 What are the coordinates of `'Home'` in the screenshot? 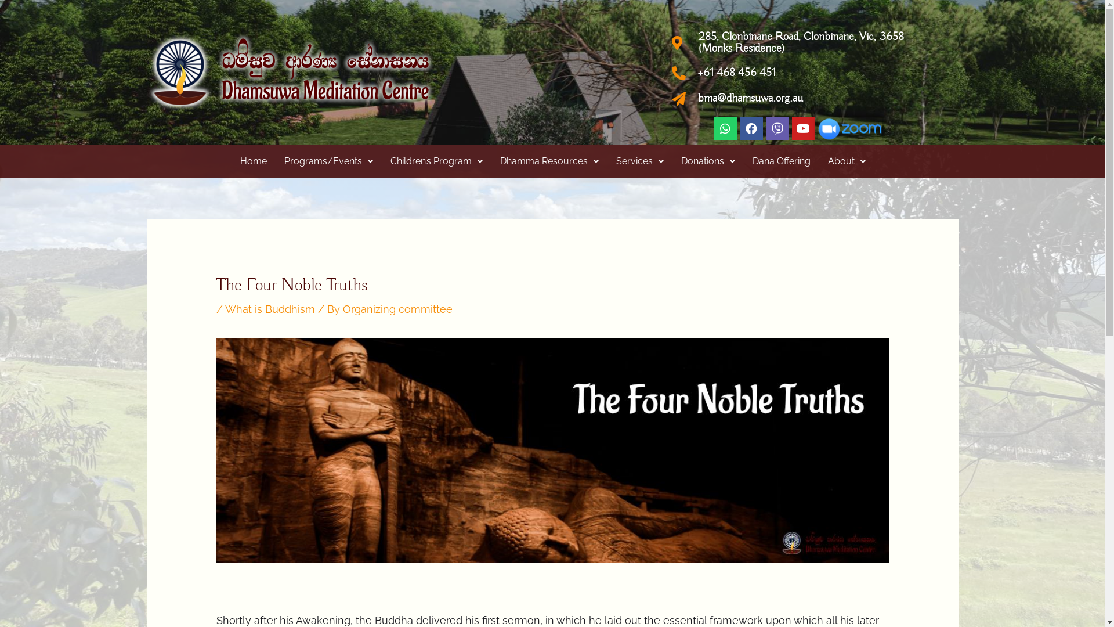 It's located at (231, 161).